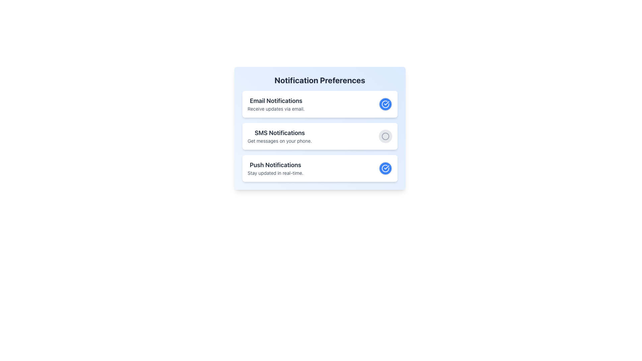 Image resolution: width=642 pixels, height=361 pixels. What do you see at coordinates (385, 168) in the screenshot?
I see `the circular toggle button styled with a blue background and white border, located at the far right of the Push Notifications section in the Notification Preferences panel, to trigger a tooltip or style change` at bounding box center [385, 168].